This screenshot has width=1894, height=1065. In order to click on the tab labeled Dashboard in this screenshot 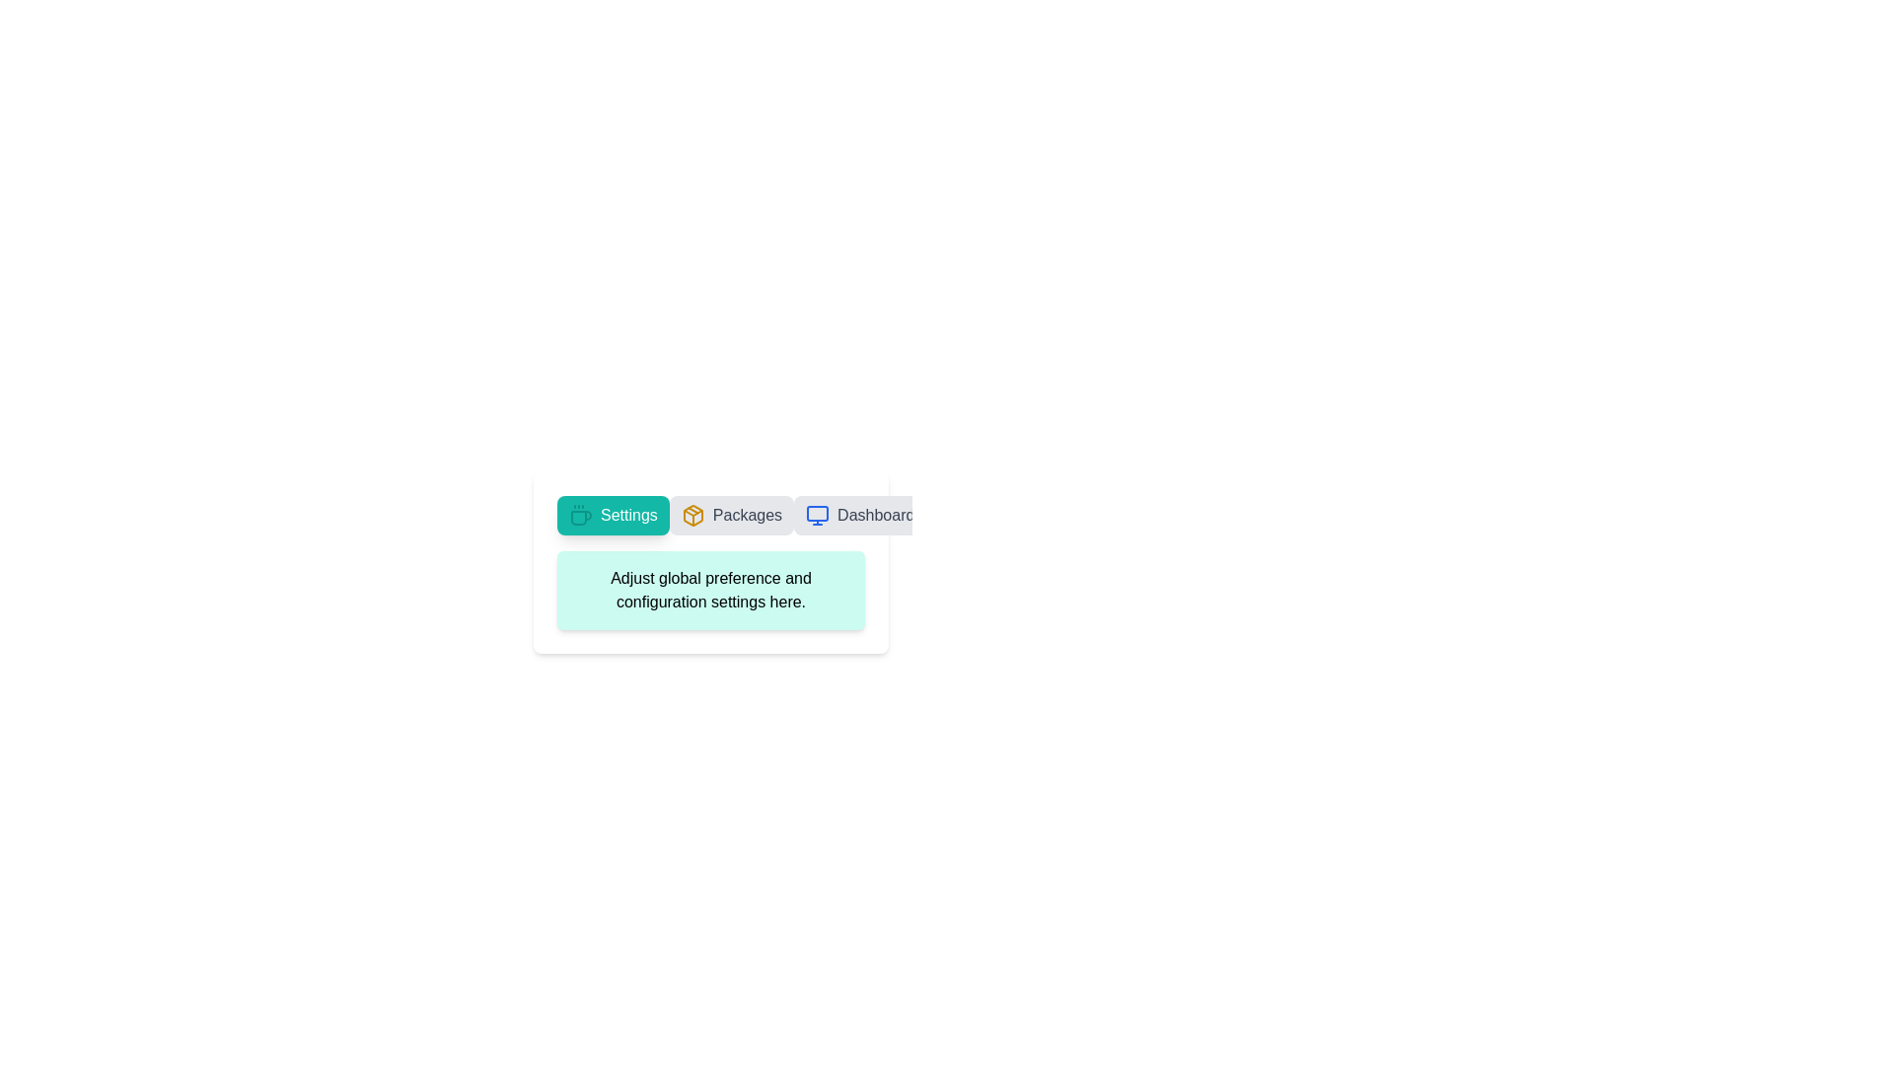, I will do `click(860, 515)`.